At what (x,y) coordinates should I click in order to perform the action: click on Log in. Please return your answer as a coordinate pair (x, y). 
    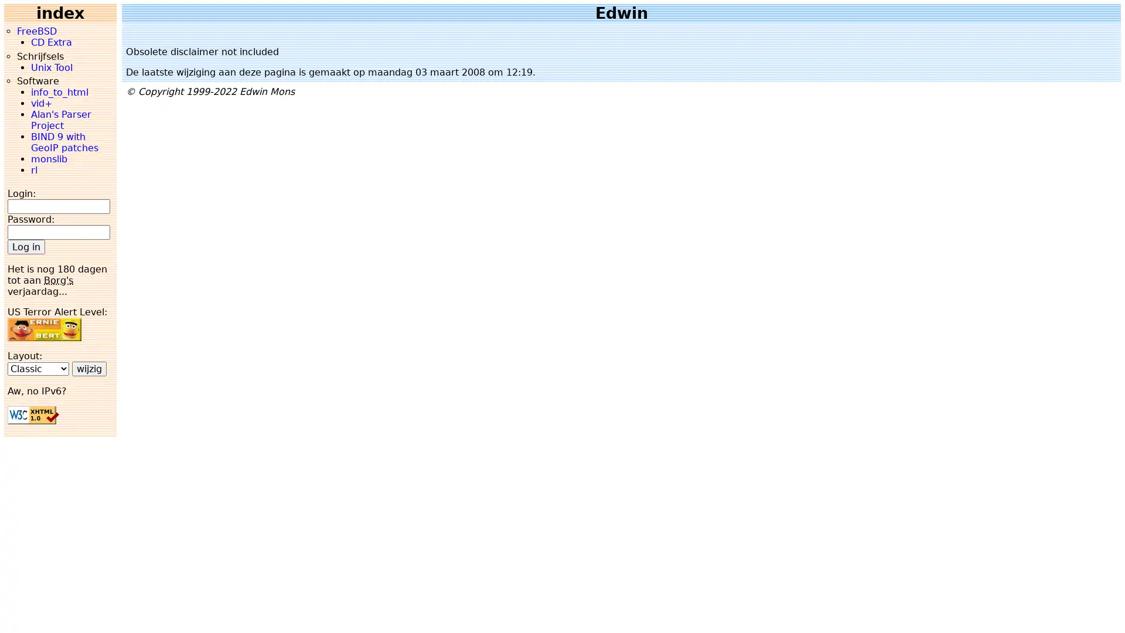
    Looking at the image, I should click on (26, 246).